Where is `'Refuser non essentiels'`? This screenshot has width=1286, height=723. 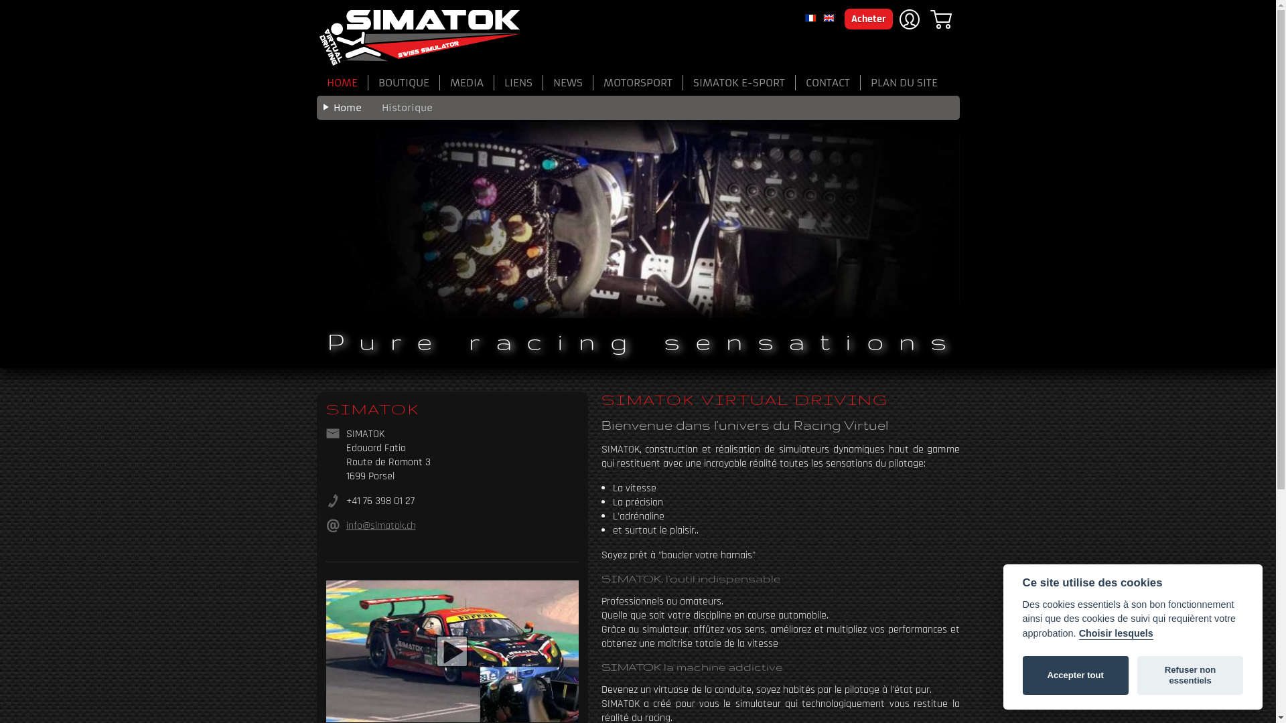 'Refuser non essentiels' is located at coordinates (1190, 675).